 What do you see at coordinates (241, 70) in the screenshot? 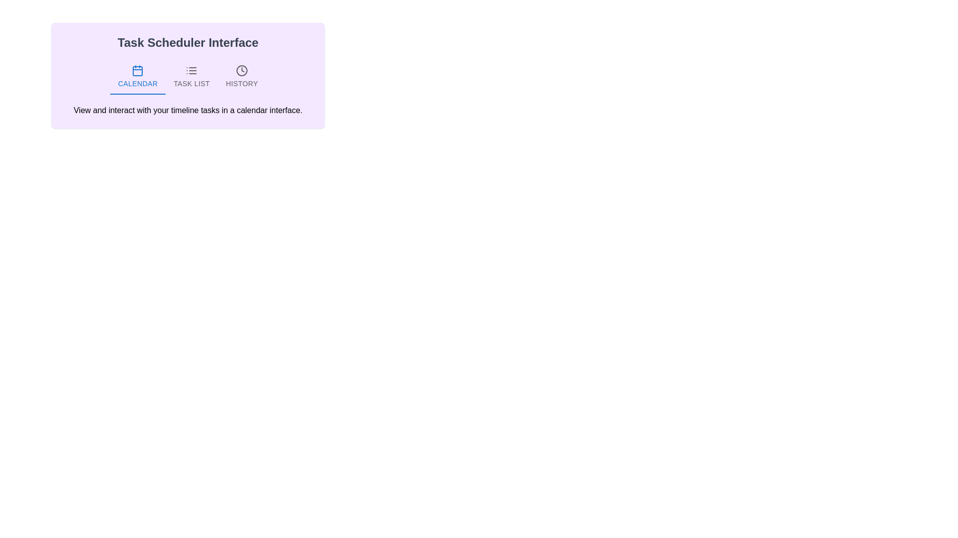
I see `the 'HISTORY' tab icon` at bounding box center [241, 70].